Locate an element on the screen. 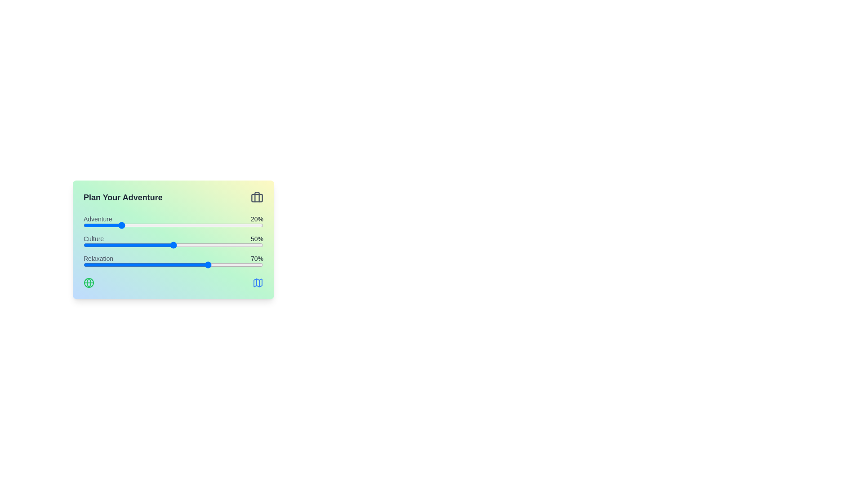 The image size is (863, 485). the 'Relaxation' slider to 54% is located at coordinates (180, 265).